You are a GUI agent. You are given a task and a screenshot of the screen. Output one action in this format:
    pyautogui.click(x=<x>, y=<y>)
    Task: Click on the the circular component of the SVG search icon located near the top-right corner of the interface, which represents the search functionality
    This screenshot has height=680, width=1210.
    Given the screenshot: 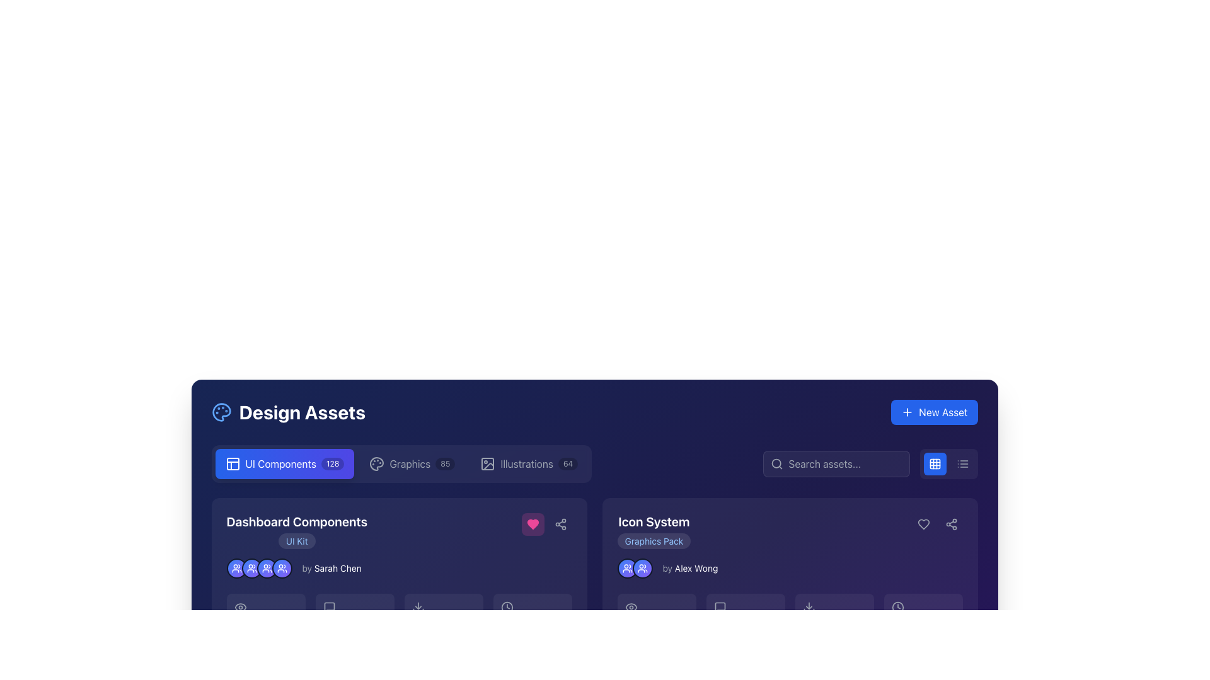 What is the action you would take?
    pyautogui.click(x=775, y=463)
    